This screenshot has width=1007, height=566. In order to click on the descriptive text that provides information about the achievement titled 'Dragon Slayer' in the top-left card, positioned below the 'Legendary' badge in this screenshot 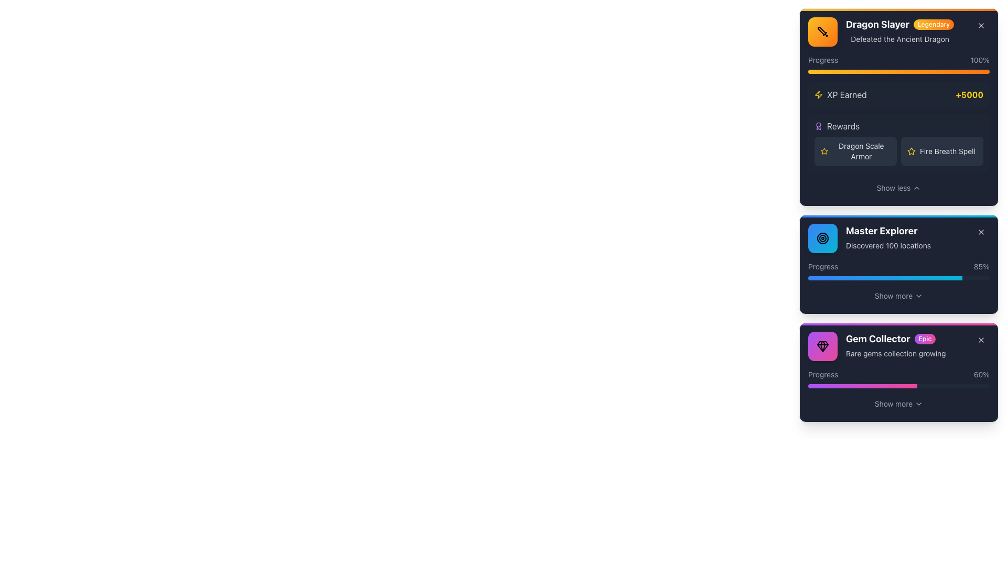, I will do `click(899, 38)`.